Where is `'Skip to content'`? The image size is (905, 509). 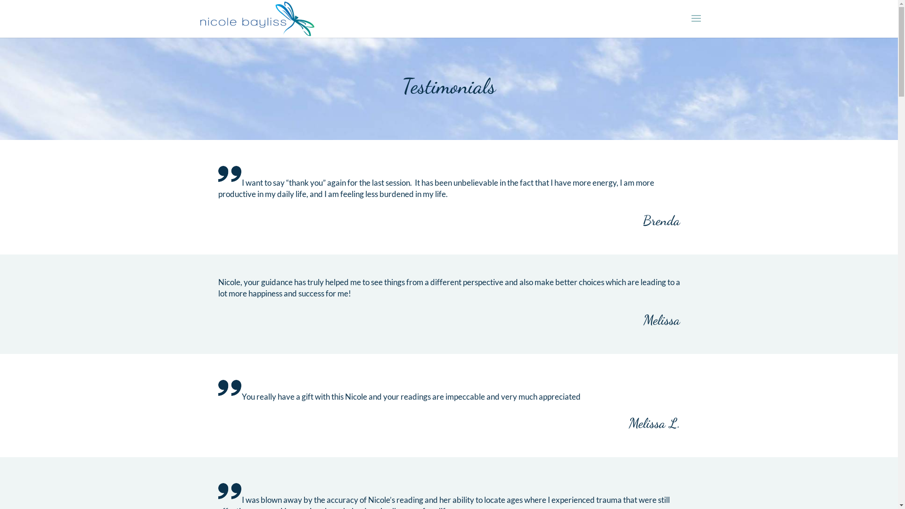 'Skip to content' is located at coordinates (0, 0).